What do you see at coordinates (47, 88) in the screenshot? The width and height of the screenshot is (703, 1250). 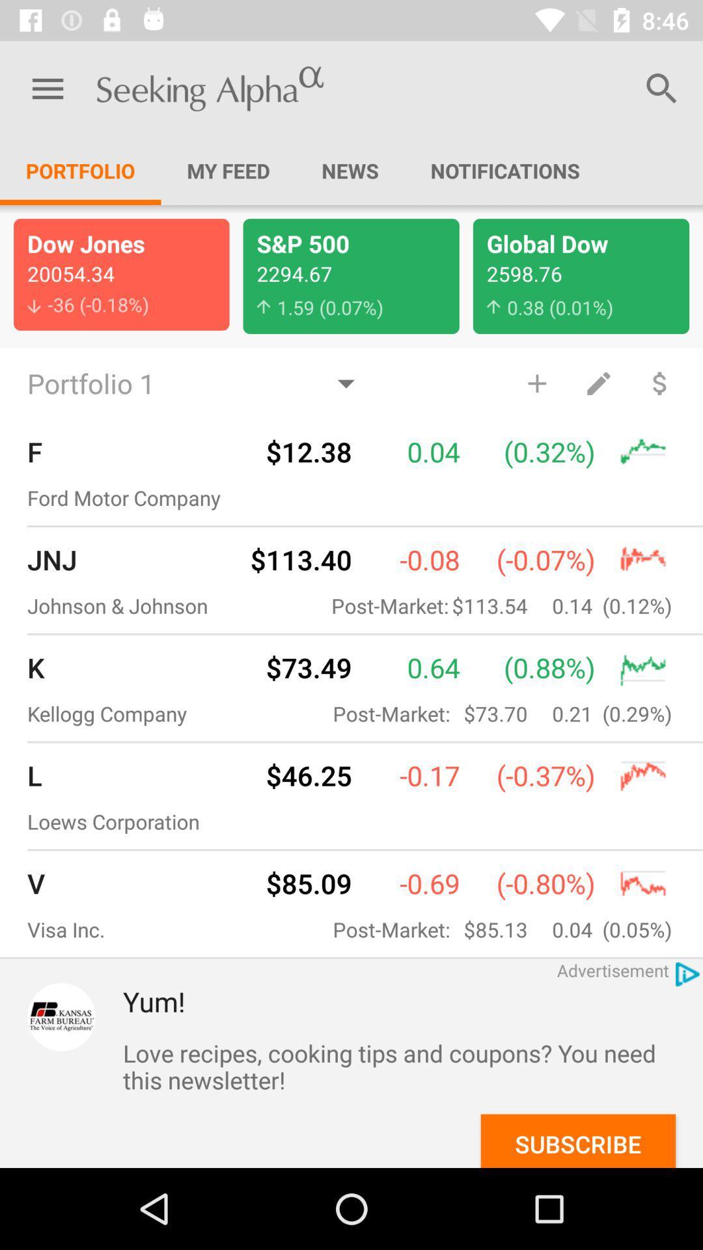 I see `icon above portfolio` at bounding box center [47, 88].